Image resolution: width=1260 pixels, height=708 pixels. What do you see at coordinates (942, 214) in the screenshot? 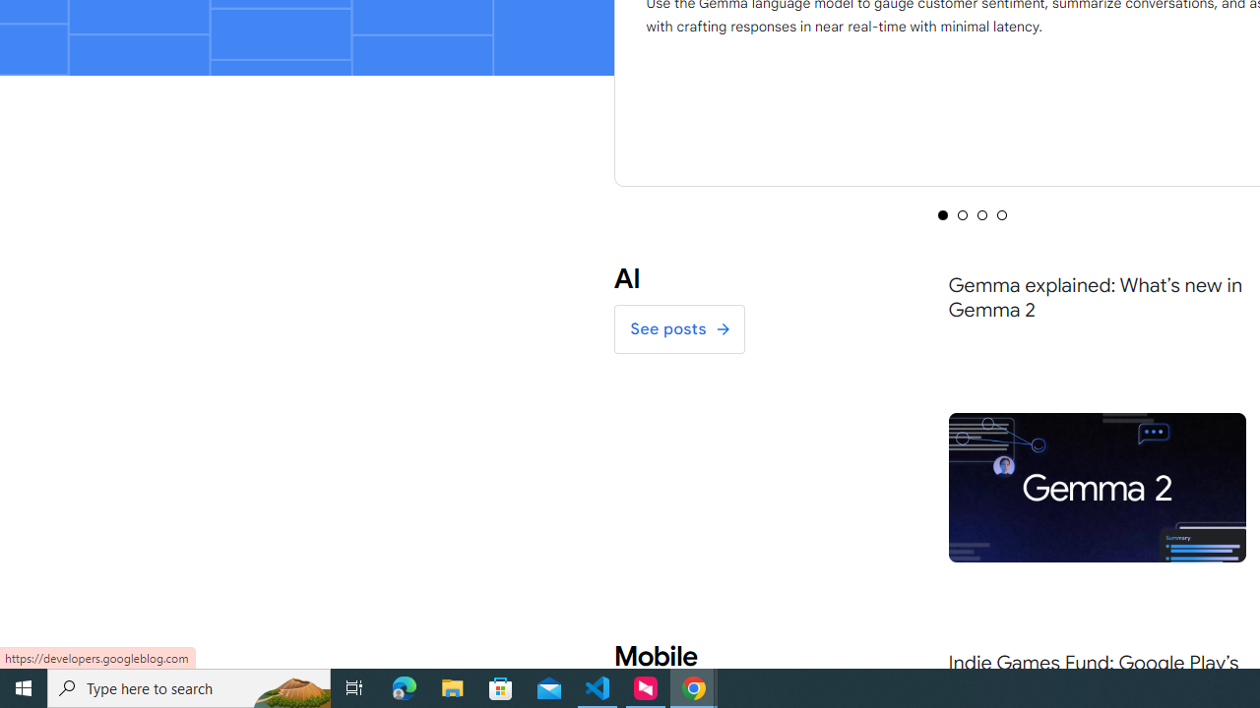
I see `'Selected tab 1 of 4'` at bounding box center [942, 214].